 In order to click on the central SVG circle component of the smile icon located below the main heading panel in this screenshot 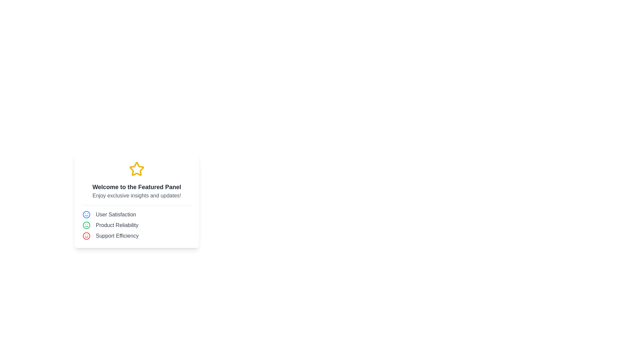, I will do `click(86, 225)`.